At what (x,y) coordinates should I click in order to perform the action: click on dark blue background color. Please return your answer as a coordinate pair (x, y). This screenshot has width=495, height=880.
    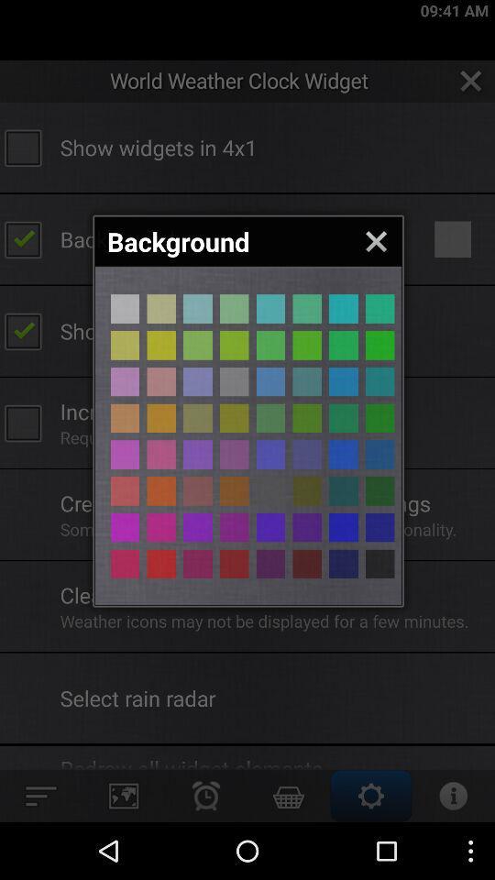
    Looking at the image, I should click on (343, 563).